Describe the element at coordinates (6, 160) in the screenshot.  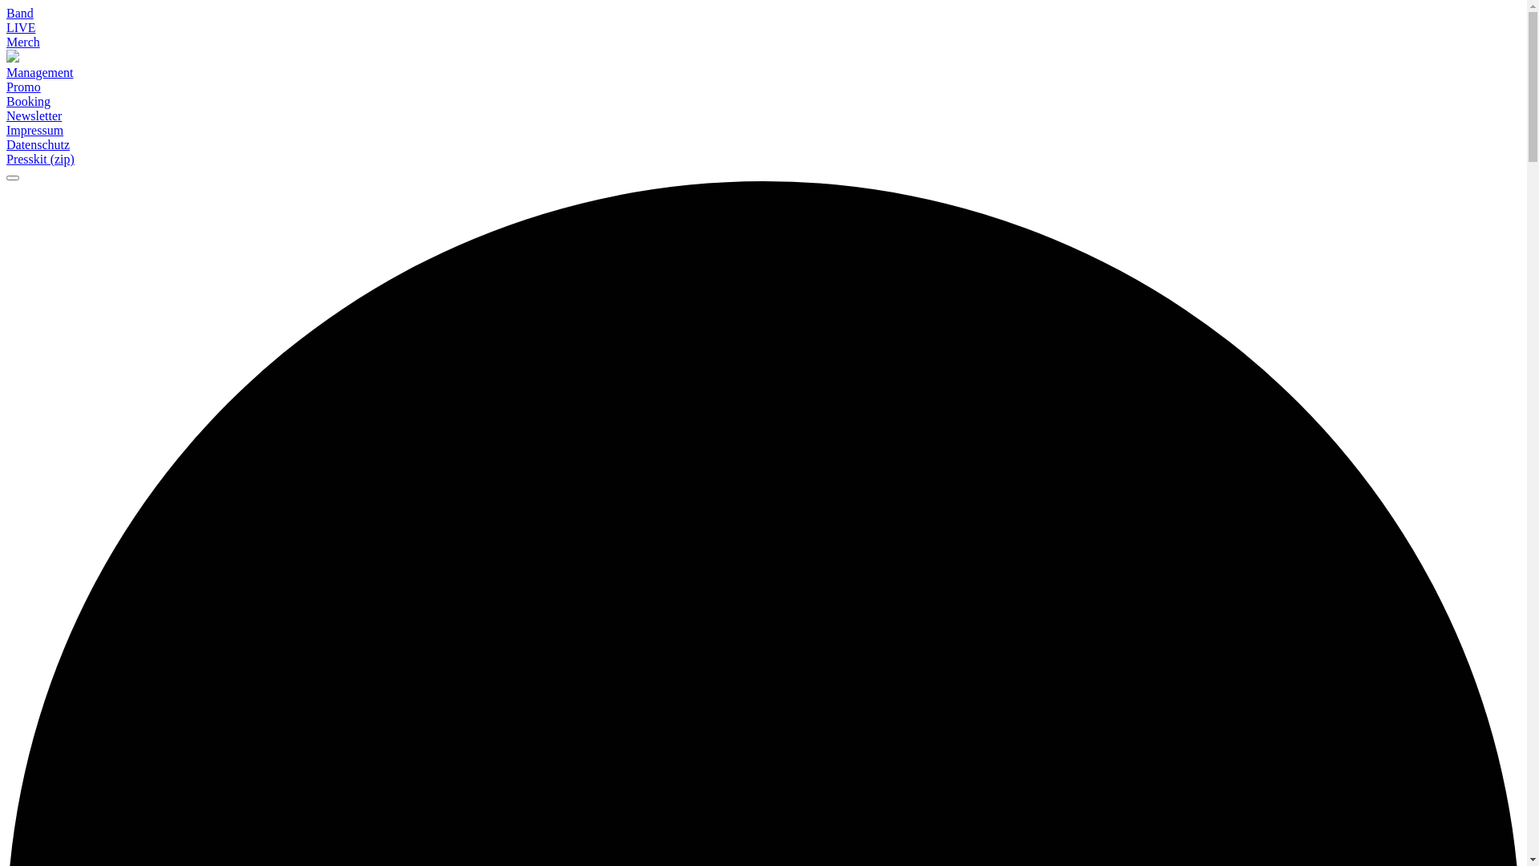
I see `'Presskit (zip)'` at that location.